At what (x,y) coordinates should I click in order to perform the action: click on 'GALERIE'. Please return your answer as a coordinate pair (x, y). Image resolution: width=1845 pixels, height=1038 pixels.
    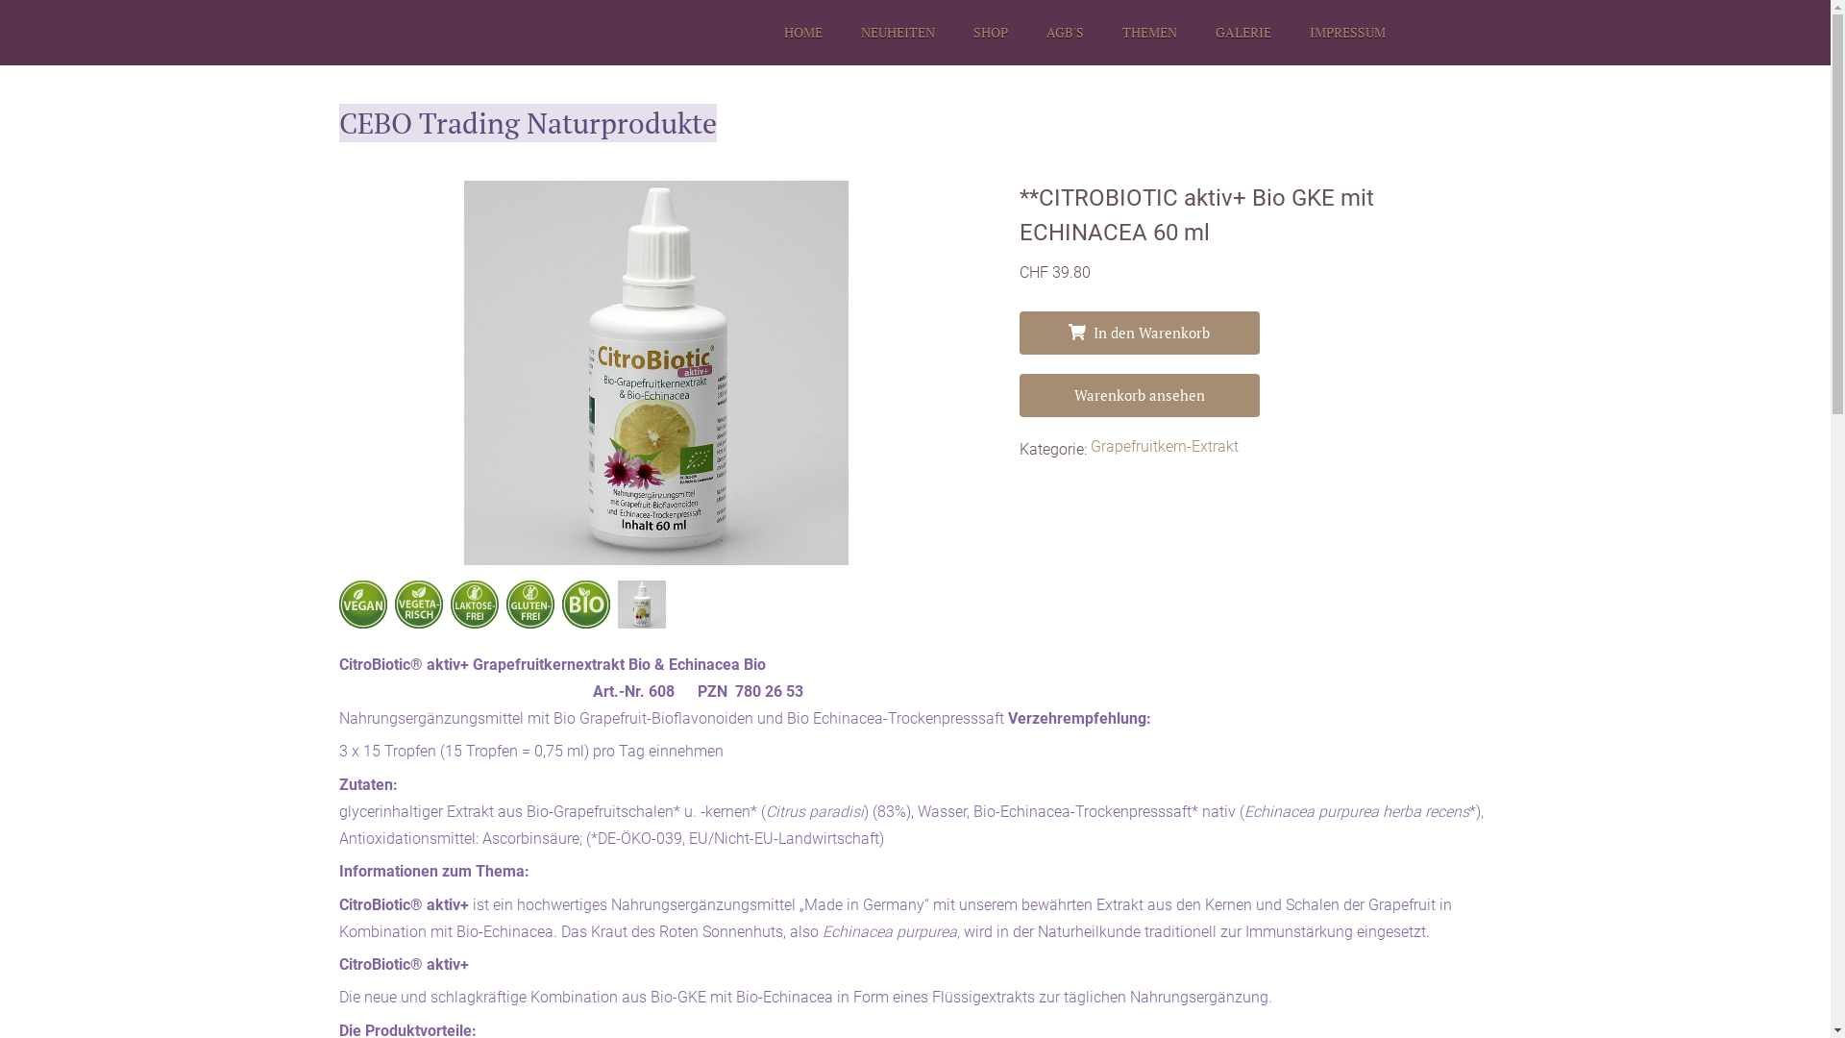
    Looking at the image, I should click on (1242, 33).